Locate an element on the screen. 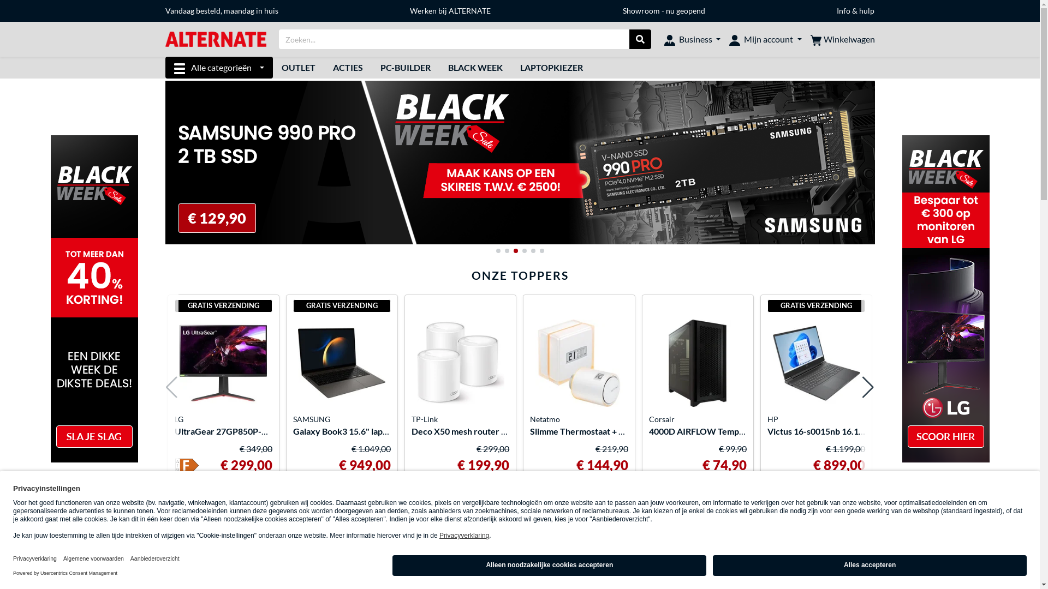  'Showroom - nu geopend' is located at coordinates (663, 10).